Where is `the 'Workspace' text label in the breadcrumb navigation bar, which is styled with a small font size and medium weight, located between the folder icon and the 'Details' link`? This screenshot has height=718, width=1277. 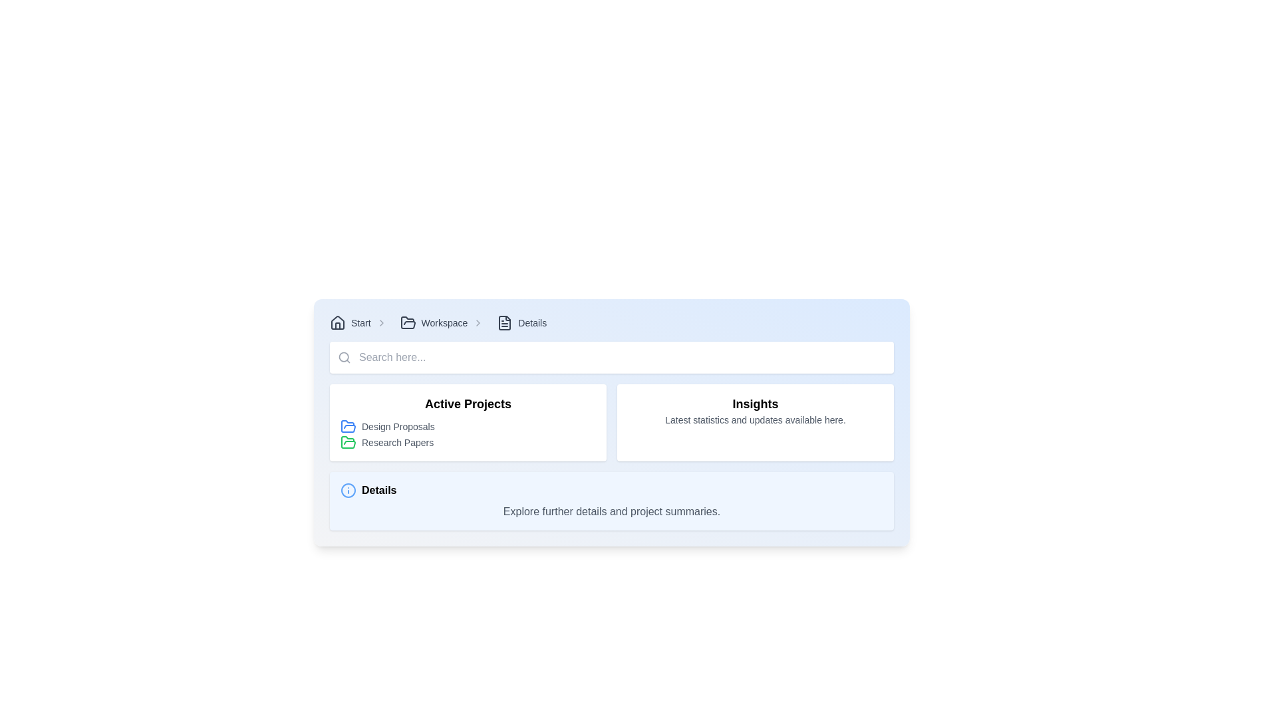
the 'Workspace' text label in the breadcrumb navigation bar, which is styled with a small font size and medium weight, located between the folder icon and the 'Details' link is located at coordinates (444, 323).